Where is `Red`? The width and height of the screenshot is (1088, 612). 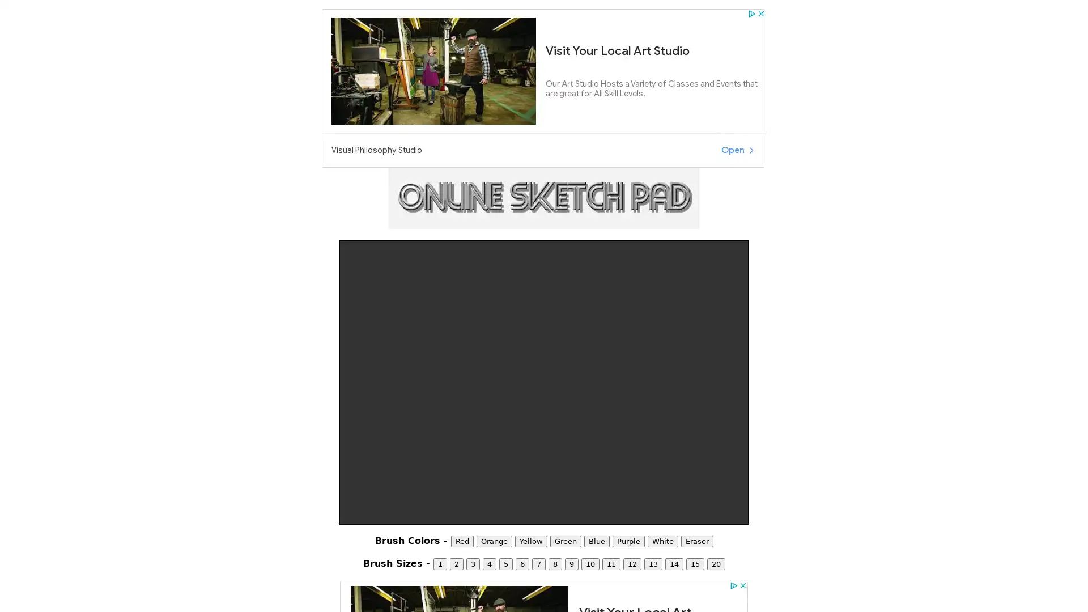 Red is located at coordinates (462, 541).